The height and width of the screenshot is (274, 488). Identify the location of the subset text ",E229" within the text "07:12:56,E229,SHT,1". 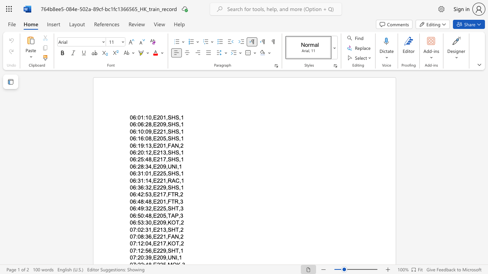
(151, 250).